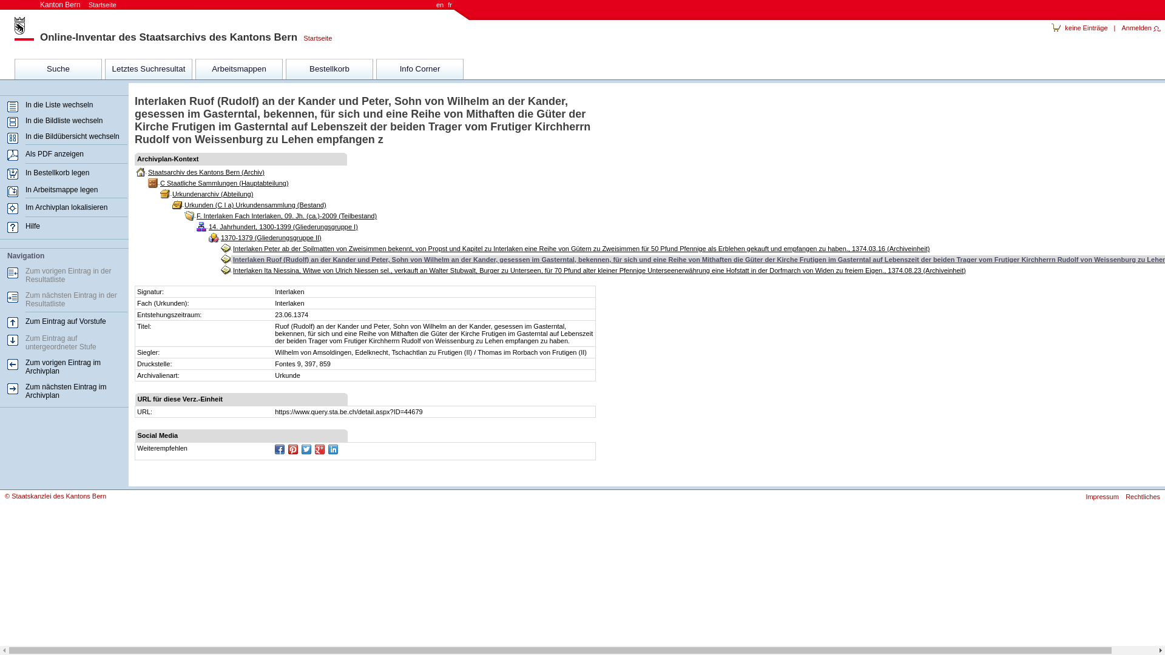  What do you see at coordinates (54, 153) in the screenshot?
I see `'Als PDF anzeigen'` at bounding box center [54, 153].